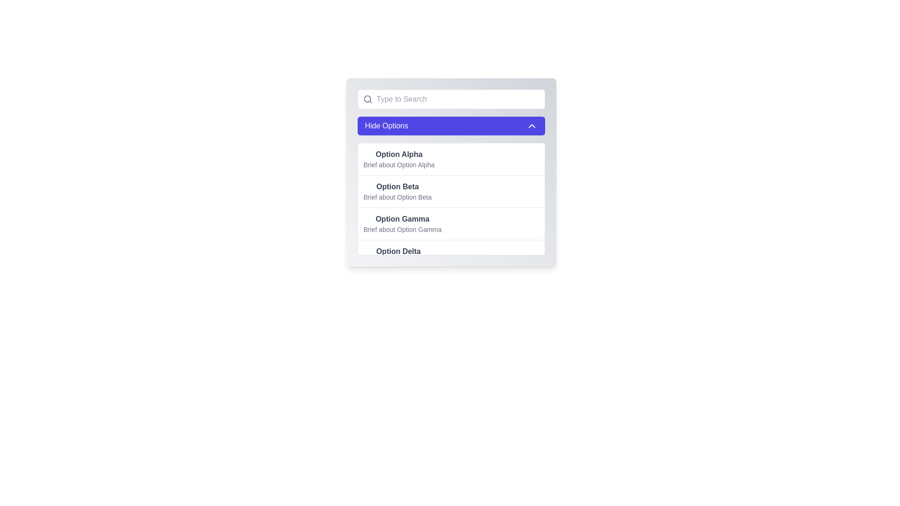 The width and height of the screenshot is (900, 506). I want to click on the Text label that serves as the heading for the Option Delta information box, positioned at the top of the content area, so click(398, 251).